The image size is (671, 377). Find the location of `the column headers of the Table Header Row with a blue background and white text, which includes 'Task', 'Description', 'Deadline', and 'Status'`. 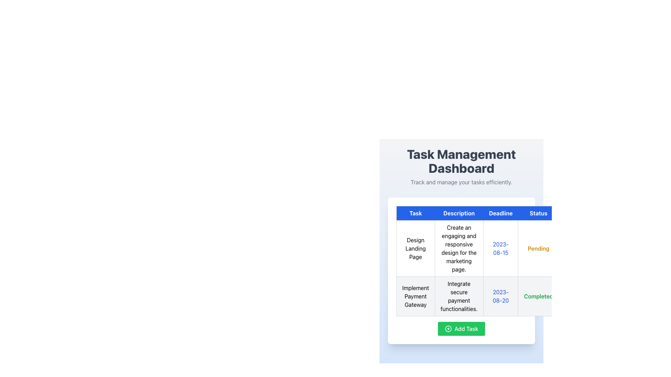

the column headers of the Table Header Row with a blue background and white text, which includes 'Task', 'Description', 'Deadline', and 'Status' is located at coordinates (493, 213).